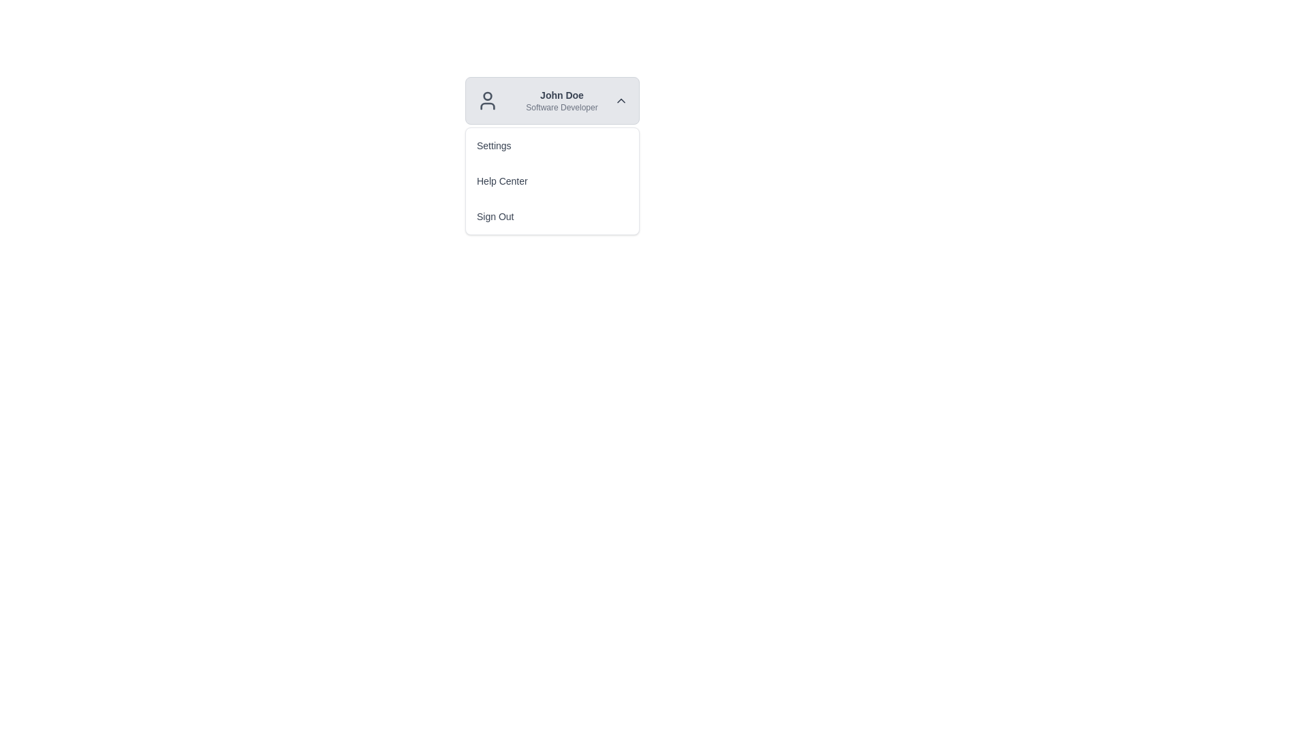 Image resolution: width=1308 pixels, height=736 pixels. I want to click on the upward-pointing chevron icon located at the top-right corner of the user profile card, adjacent to the text 'Software Developer', so click(621, 99).